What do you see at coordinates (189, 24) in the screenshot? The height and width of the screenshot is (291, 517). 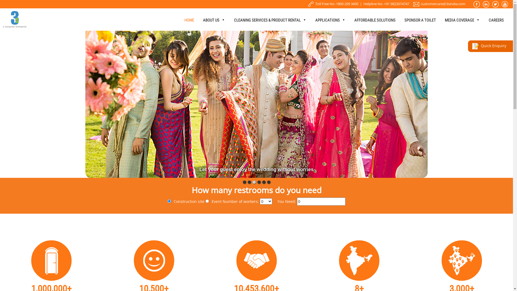 I see `'HOME'` at bounding box center [189, 24].